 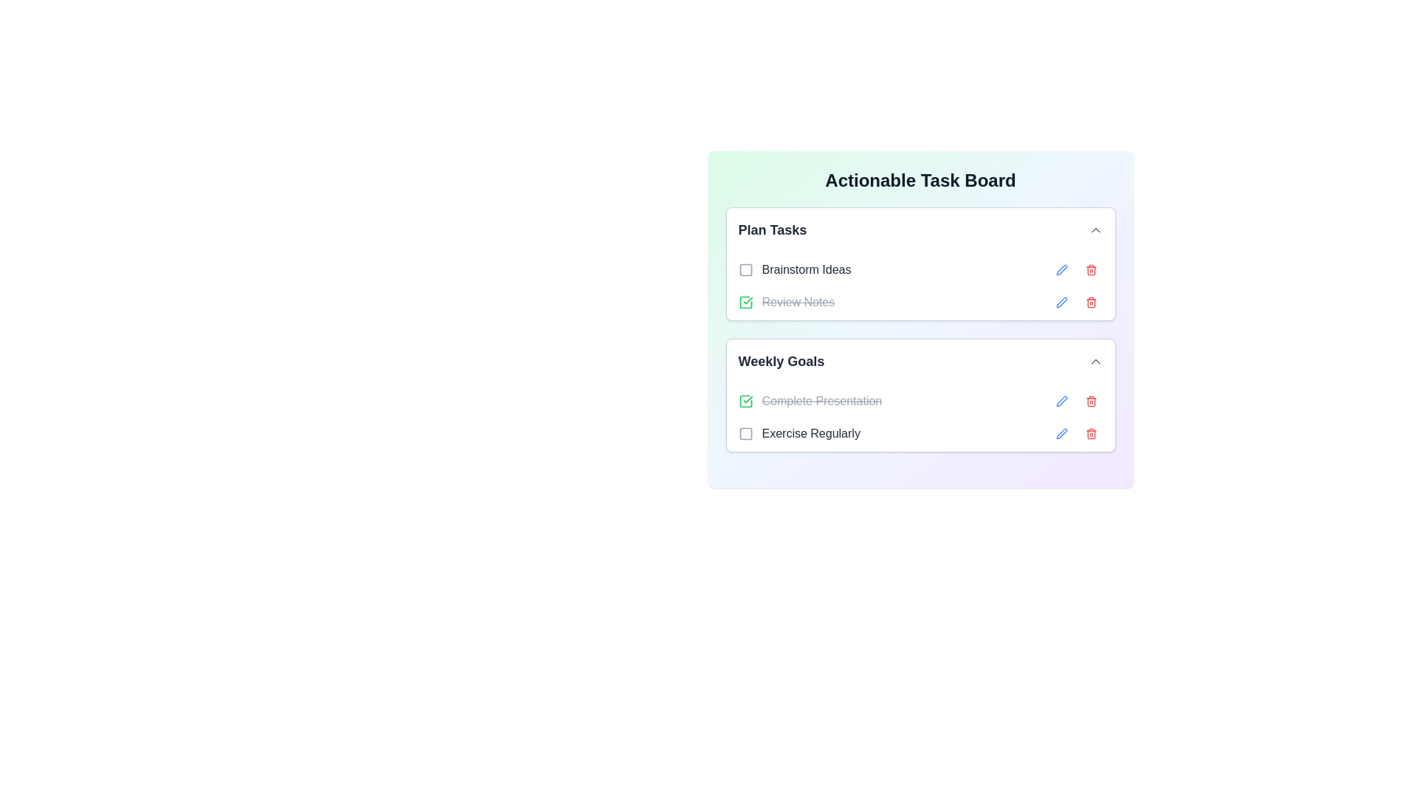 What do you see at coordinates (1061, 401) in the screenshot?
I see `the 'Edit' icon button located in the 'Weekly Goals' section, positioned to the right of the first task 'Complete Presentation', for accessibility purposes` at bounding box center [1061, 401].